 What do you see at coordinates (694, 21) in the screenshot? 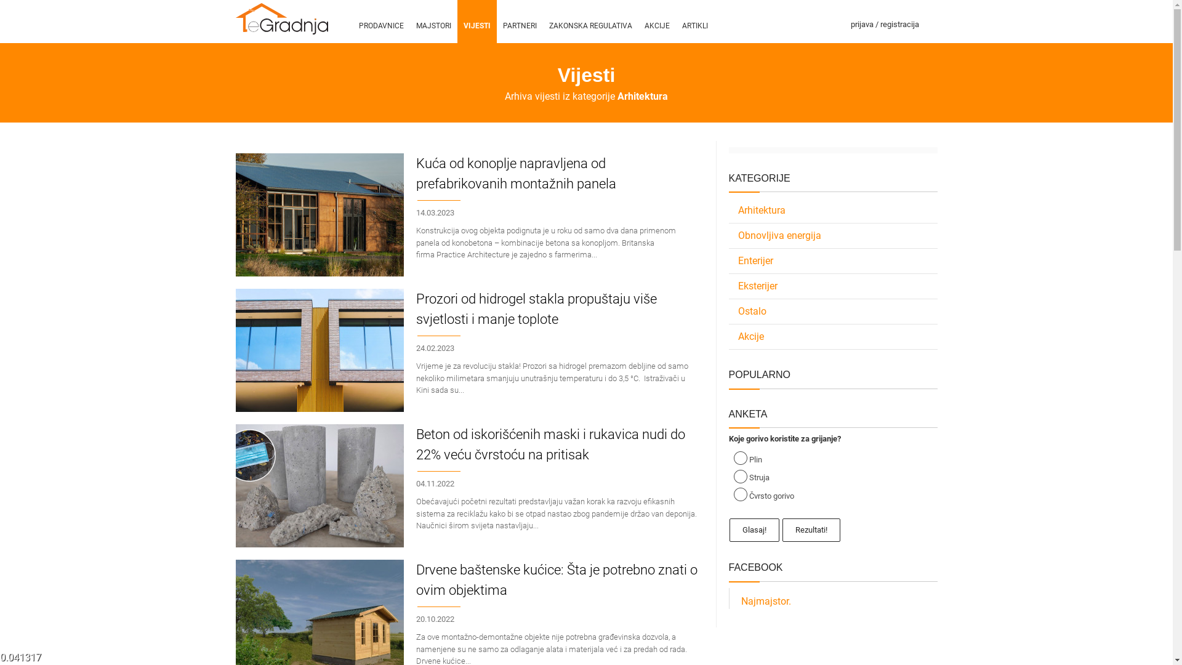
I see `'ARTIKLI'` at bounding box center [694, 21].